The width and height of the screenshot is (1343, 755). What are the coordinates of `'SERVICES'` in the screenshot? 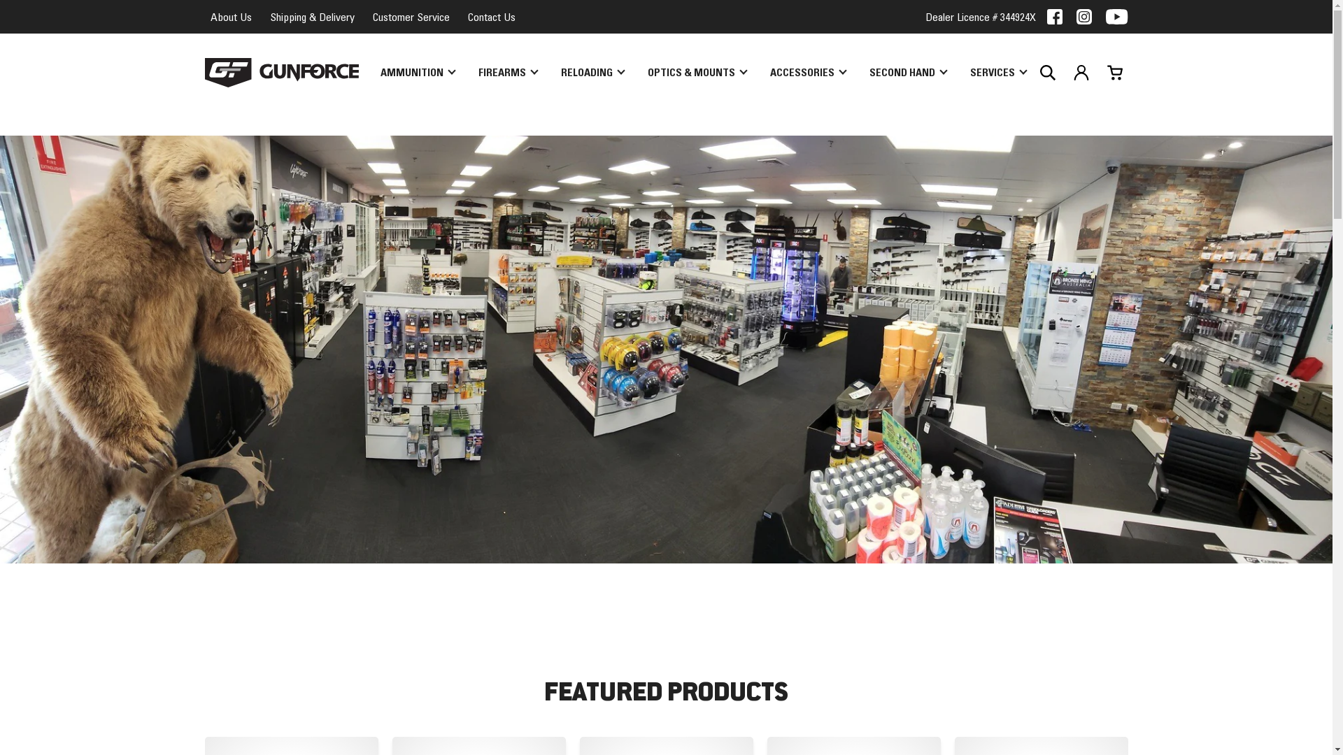 It's located at (996, 73).